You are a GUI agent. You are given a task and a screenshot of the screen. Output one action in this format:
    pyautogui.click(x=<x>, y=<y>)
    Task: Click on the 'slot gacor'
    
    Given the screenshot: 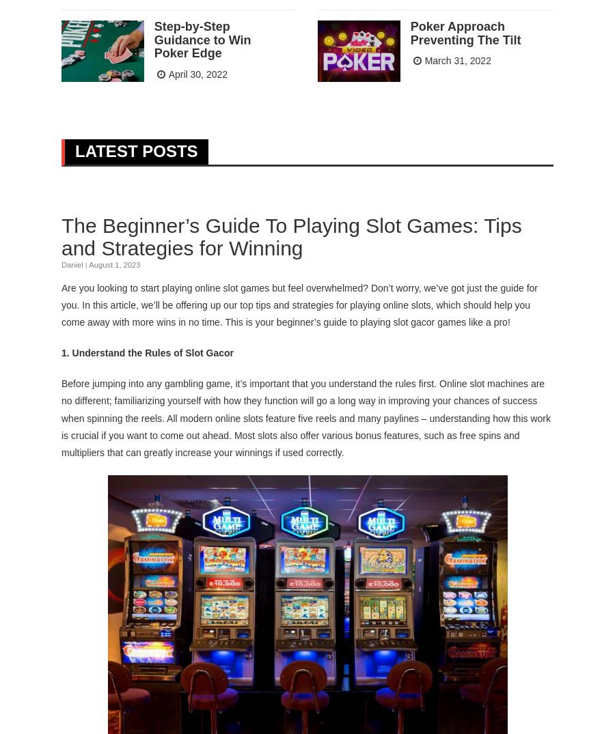 What is the action you would take?
    pyautogui.click(x=413, y=321)
    